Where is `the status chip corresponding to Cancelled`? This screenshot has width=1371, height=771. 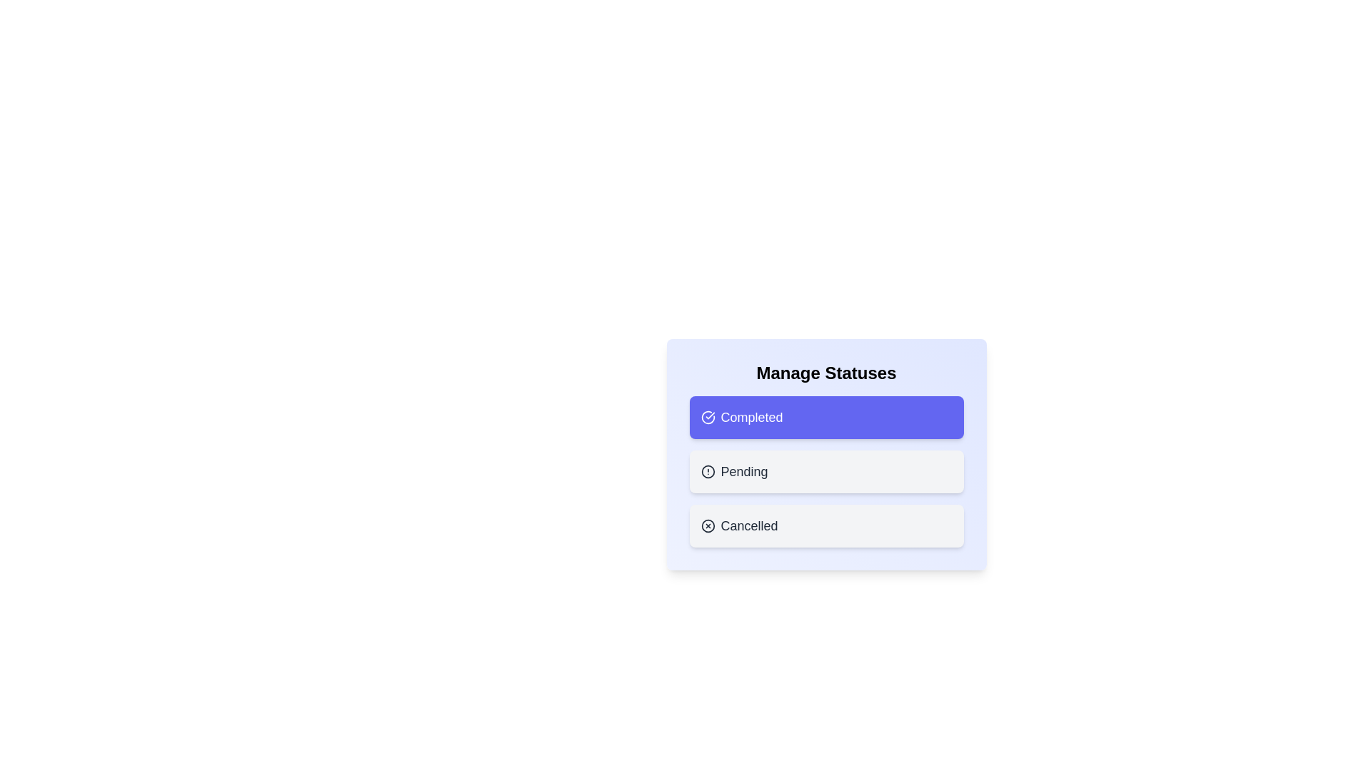
the status chip corresponding to Cancelled is located at coordinates (826, 525).